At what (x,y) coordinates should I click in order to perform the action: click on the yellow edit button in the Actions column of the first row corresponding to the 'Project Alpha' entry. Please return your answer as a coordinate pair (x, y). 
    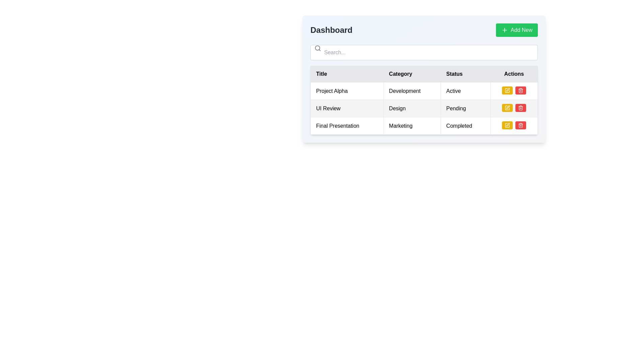
    Looking at the image, I should click on (514, 91).